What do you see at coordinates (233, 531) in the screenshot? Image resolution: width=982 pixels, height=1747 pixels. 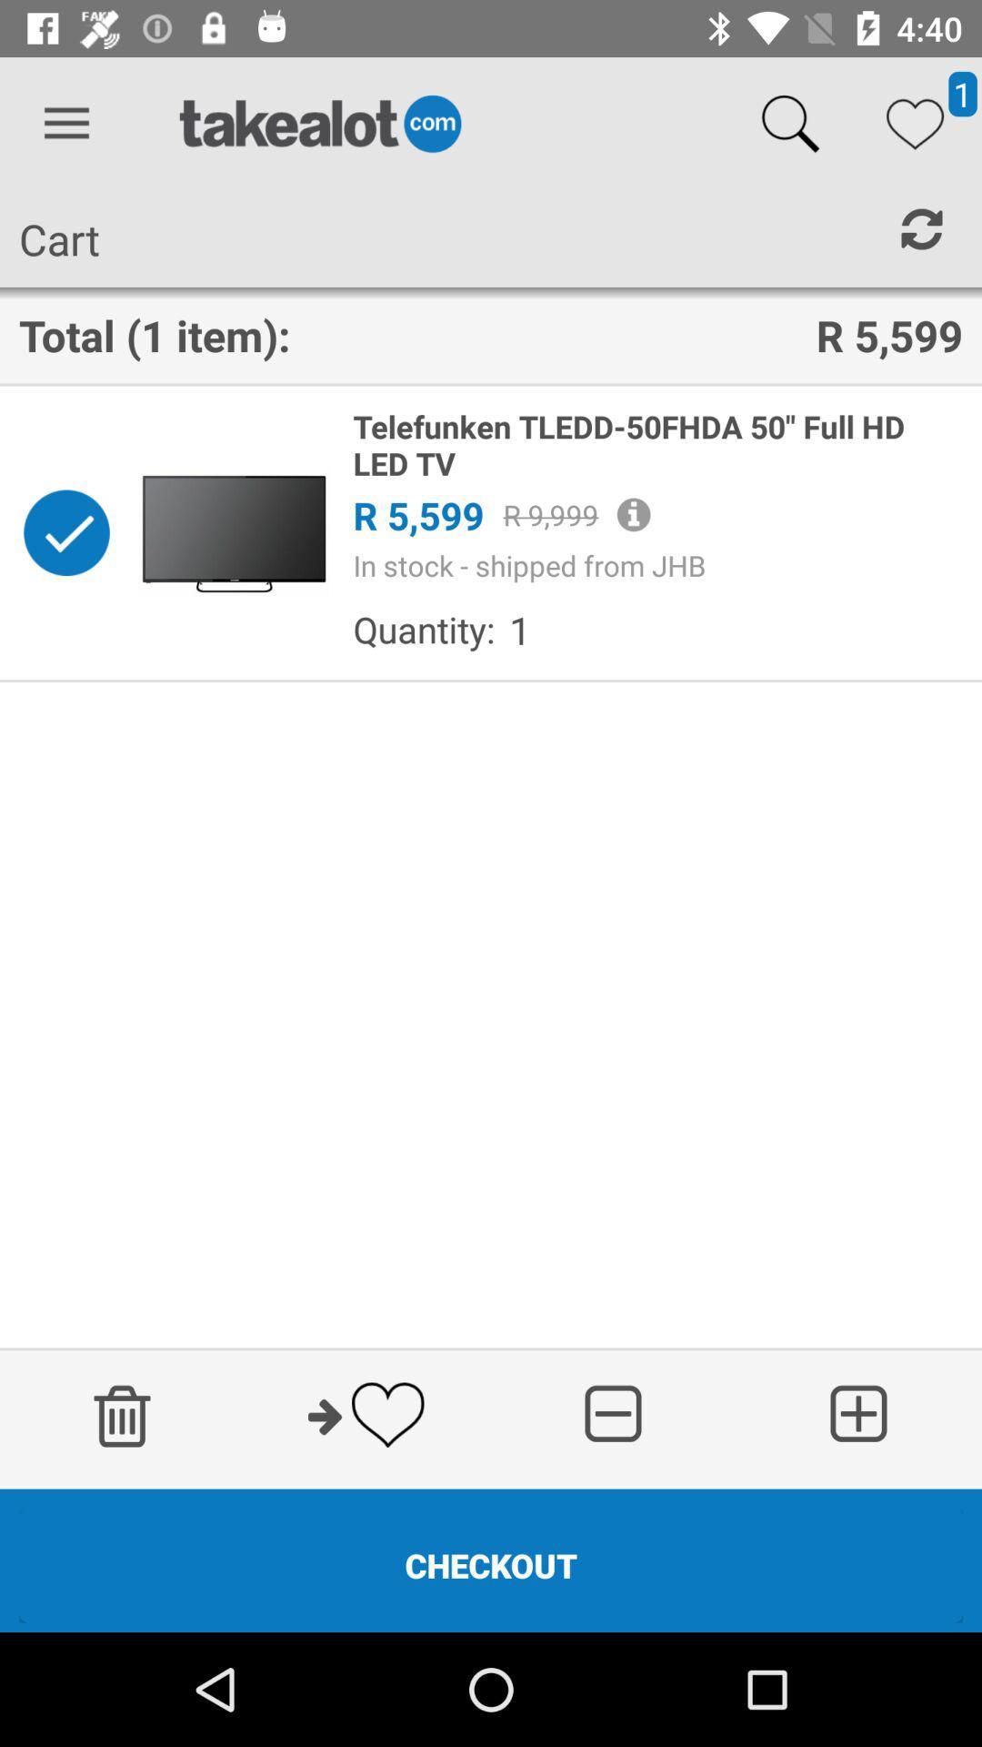 I see `item to the left of telefunken tledd 50fhda icon` at bounding box center [233, 531].